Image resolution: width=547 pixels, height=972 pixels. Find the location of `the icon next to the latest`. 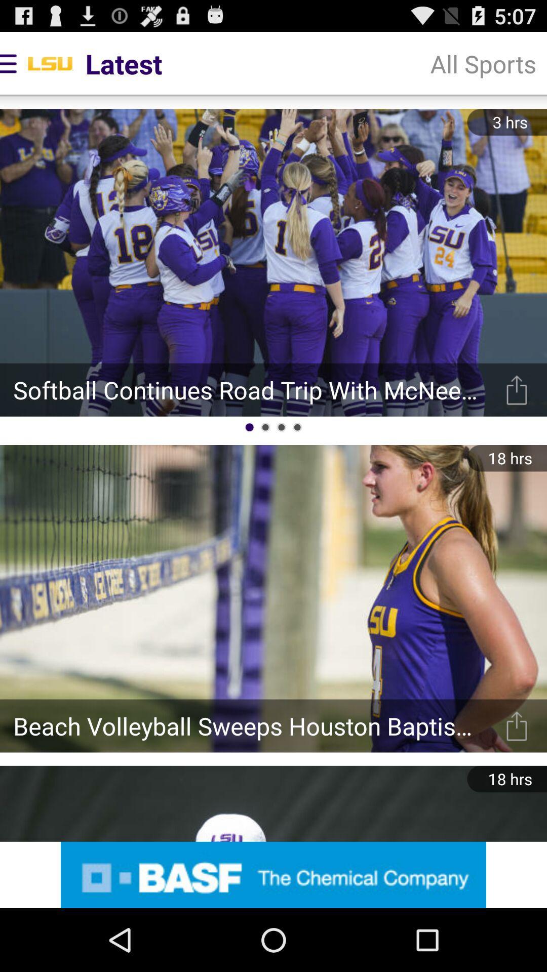

the icon next to the latest is located at coordinates (483, 63).